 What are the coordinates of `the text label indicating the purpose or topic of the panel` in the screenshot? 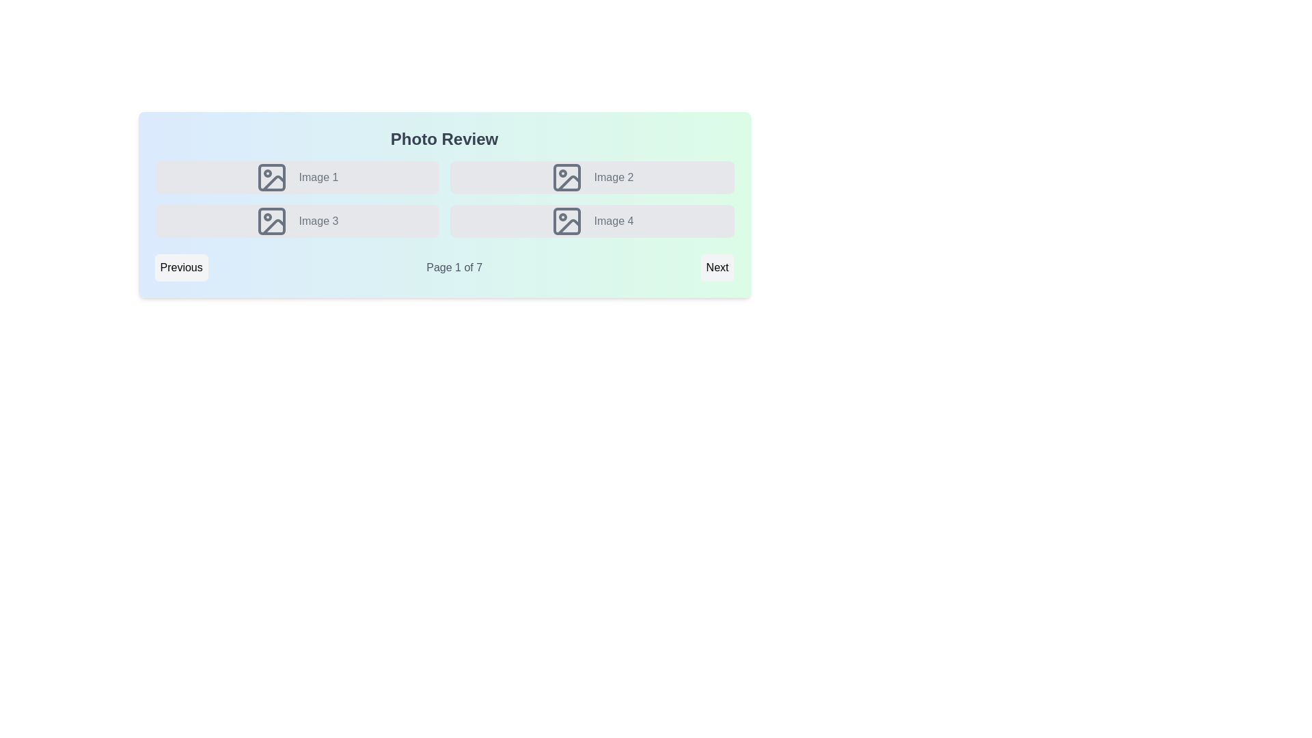 It's located at (444, 139).